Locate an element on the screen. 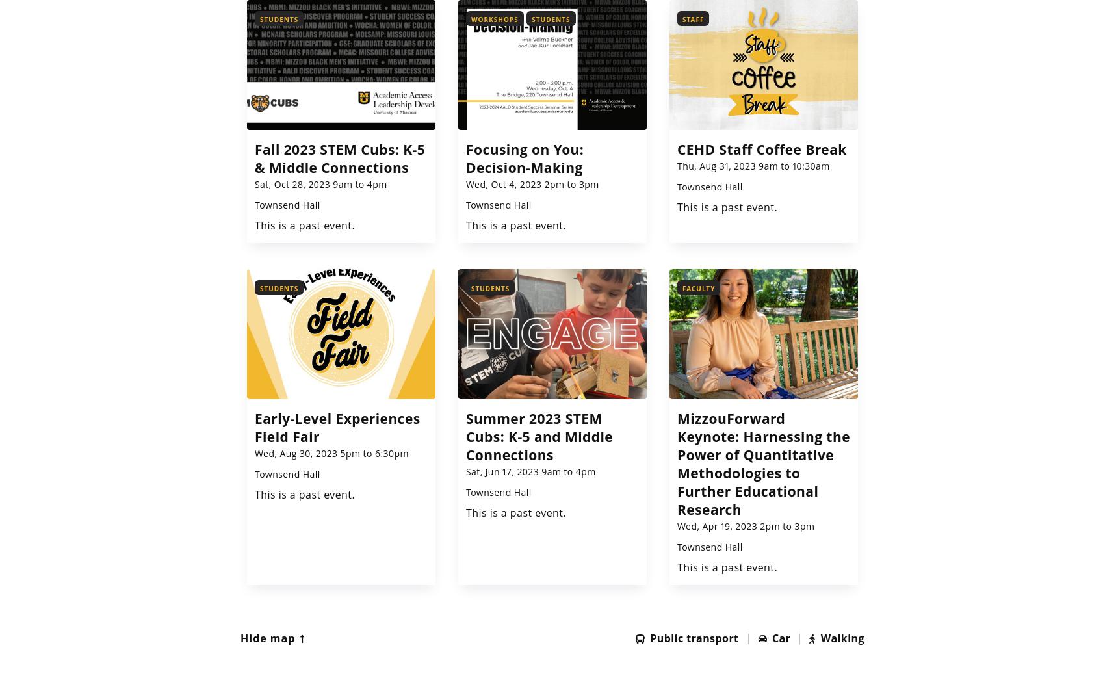 The height and width of the screenshot is (691, 1105). 'Summer 2023 STEM Cubs: K-5 and Middle Connections' is located at coordinates (538, 436).